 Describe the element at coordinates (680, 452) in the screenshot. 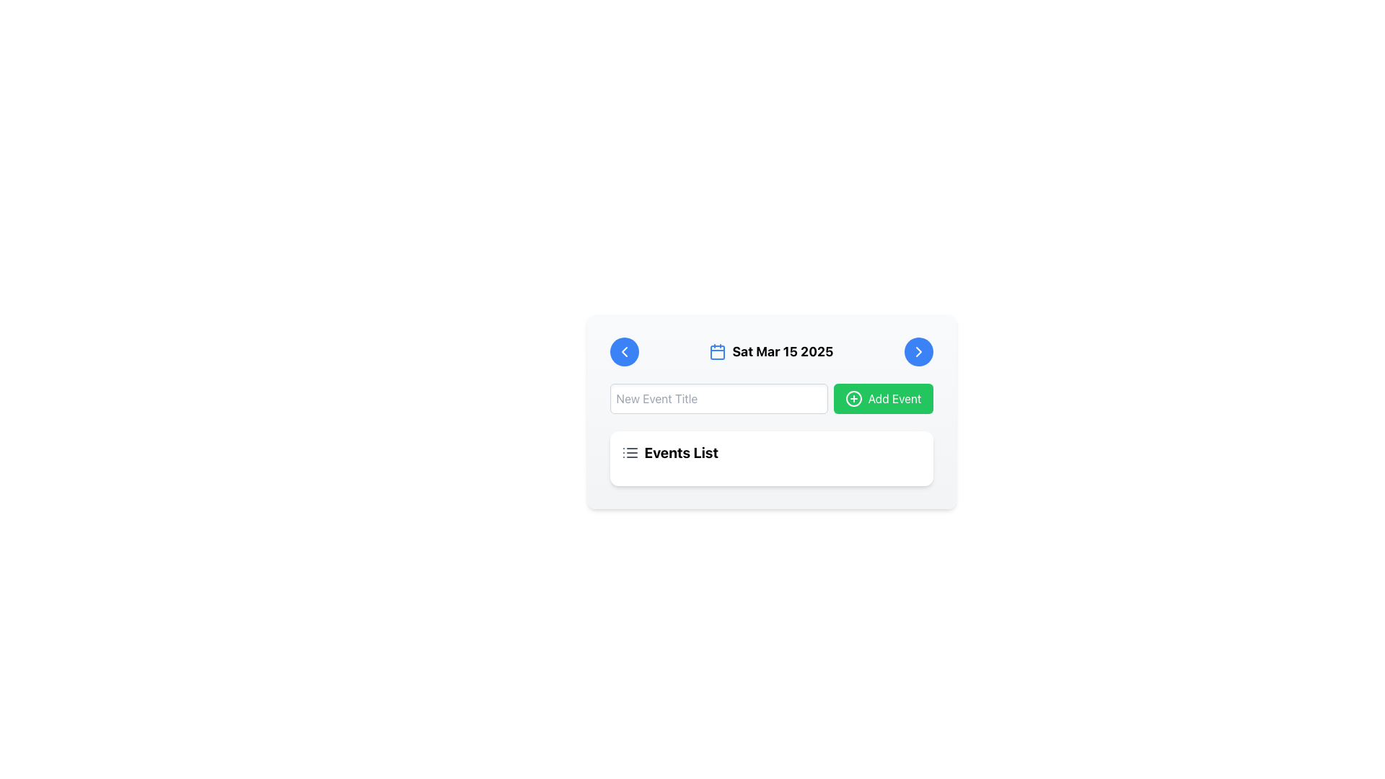

I see `text content of the 'Events List' label, which is displayed in bold and larger font, and is black in color` at that location.